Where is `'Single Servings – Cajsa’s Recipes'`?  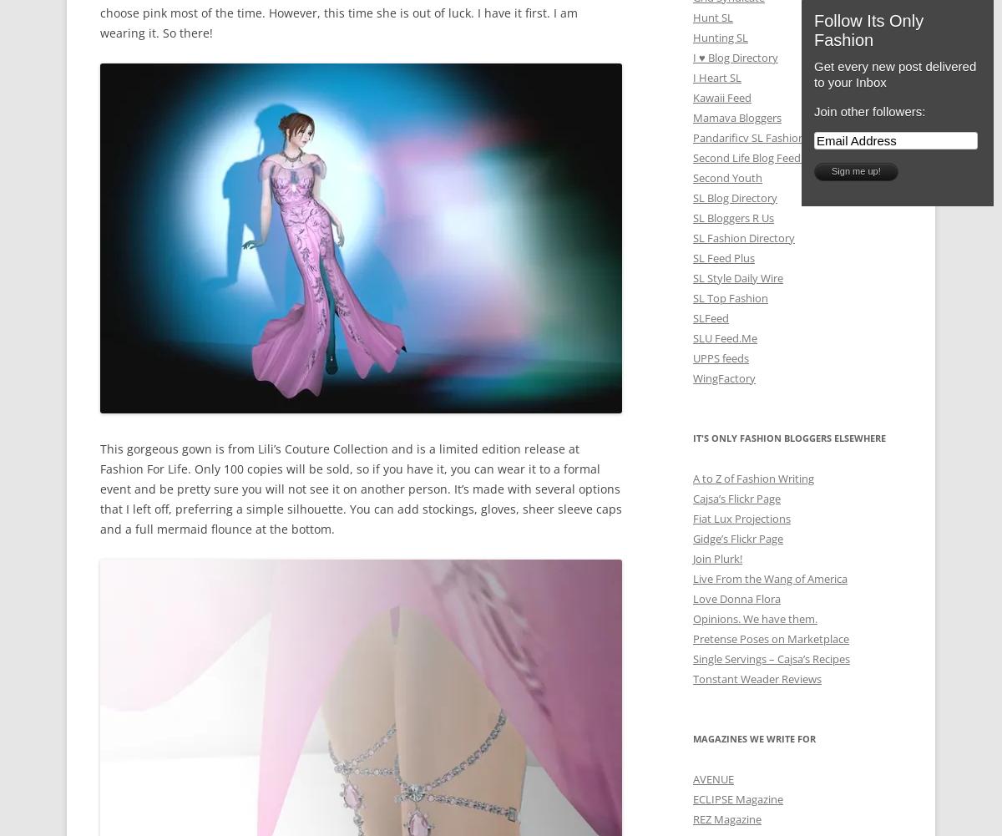
'Single Servings – Cajsa’s Recipes' is located at coordinates (772, 656).